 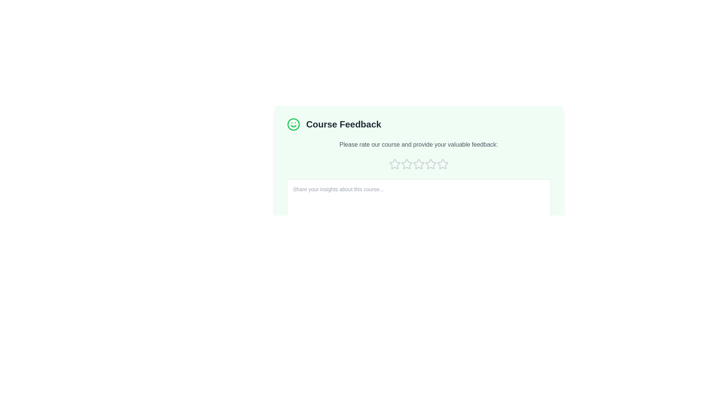 I want to click on the first star icon in the rating system, so click(x=394, y=164).